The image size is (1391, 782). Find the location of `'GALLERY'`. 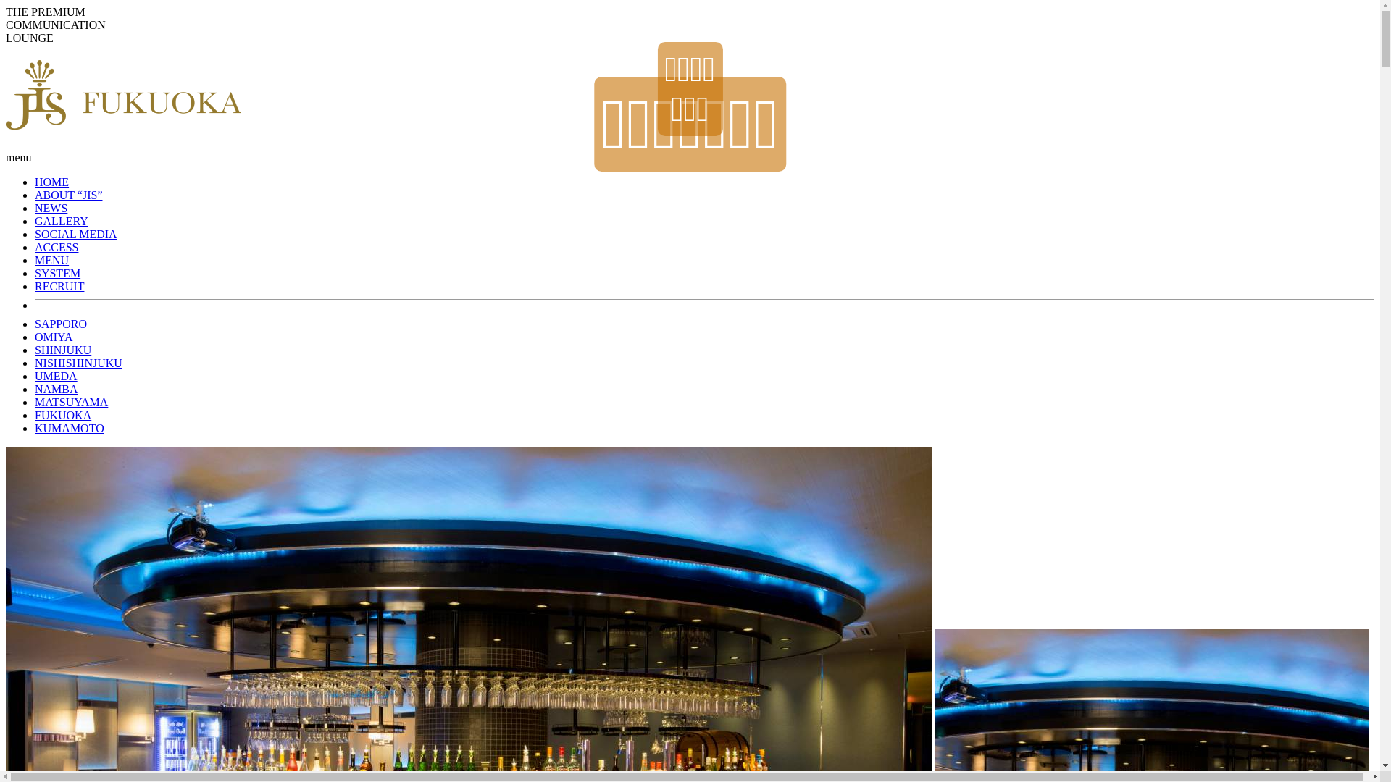

'GALLERY' is located at coordinates (35, 221).